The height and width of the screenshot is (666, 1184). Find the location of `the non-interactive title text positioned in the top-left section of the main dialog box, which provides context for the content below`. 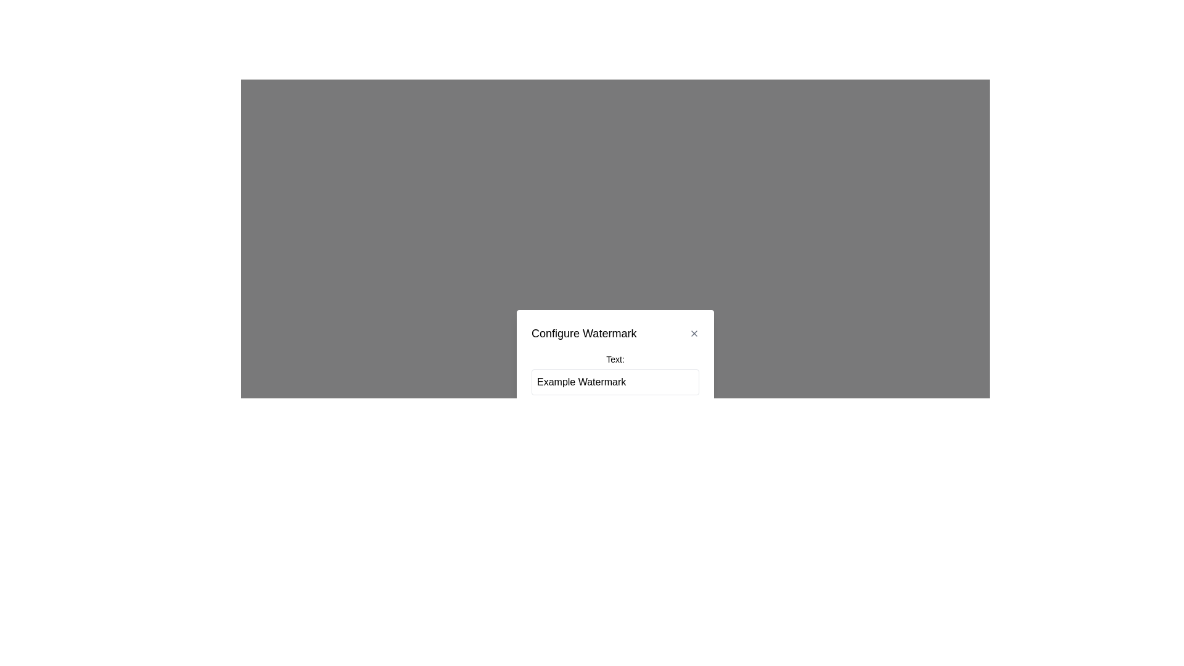

the non-interactive title text positioned in the top-left section of the main dialog box, which provides context for the content below is located at coordinates (583, 333).